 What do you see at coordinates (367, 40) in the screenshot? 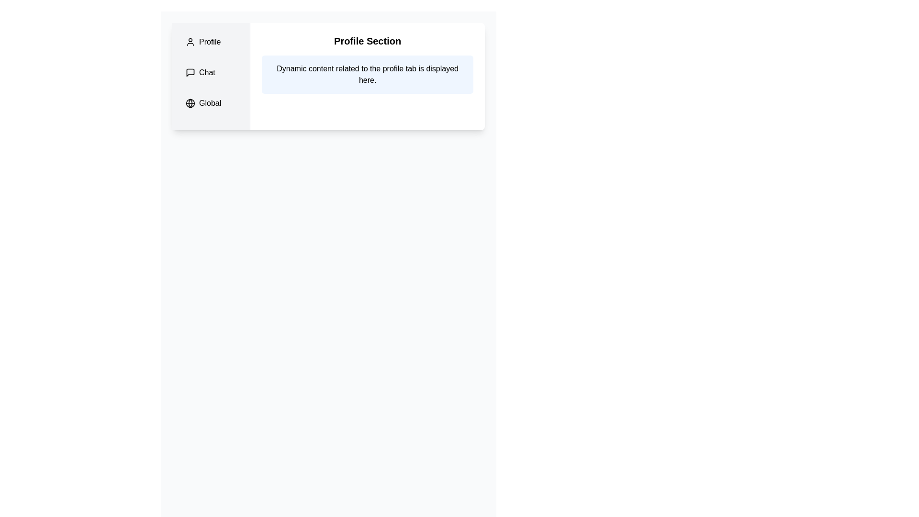
I see `the Header text indicating user profile section` at bounding box center [367, 40].